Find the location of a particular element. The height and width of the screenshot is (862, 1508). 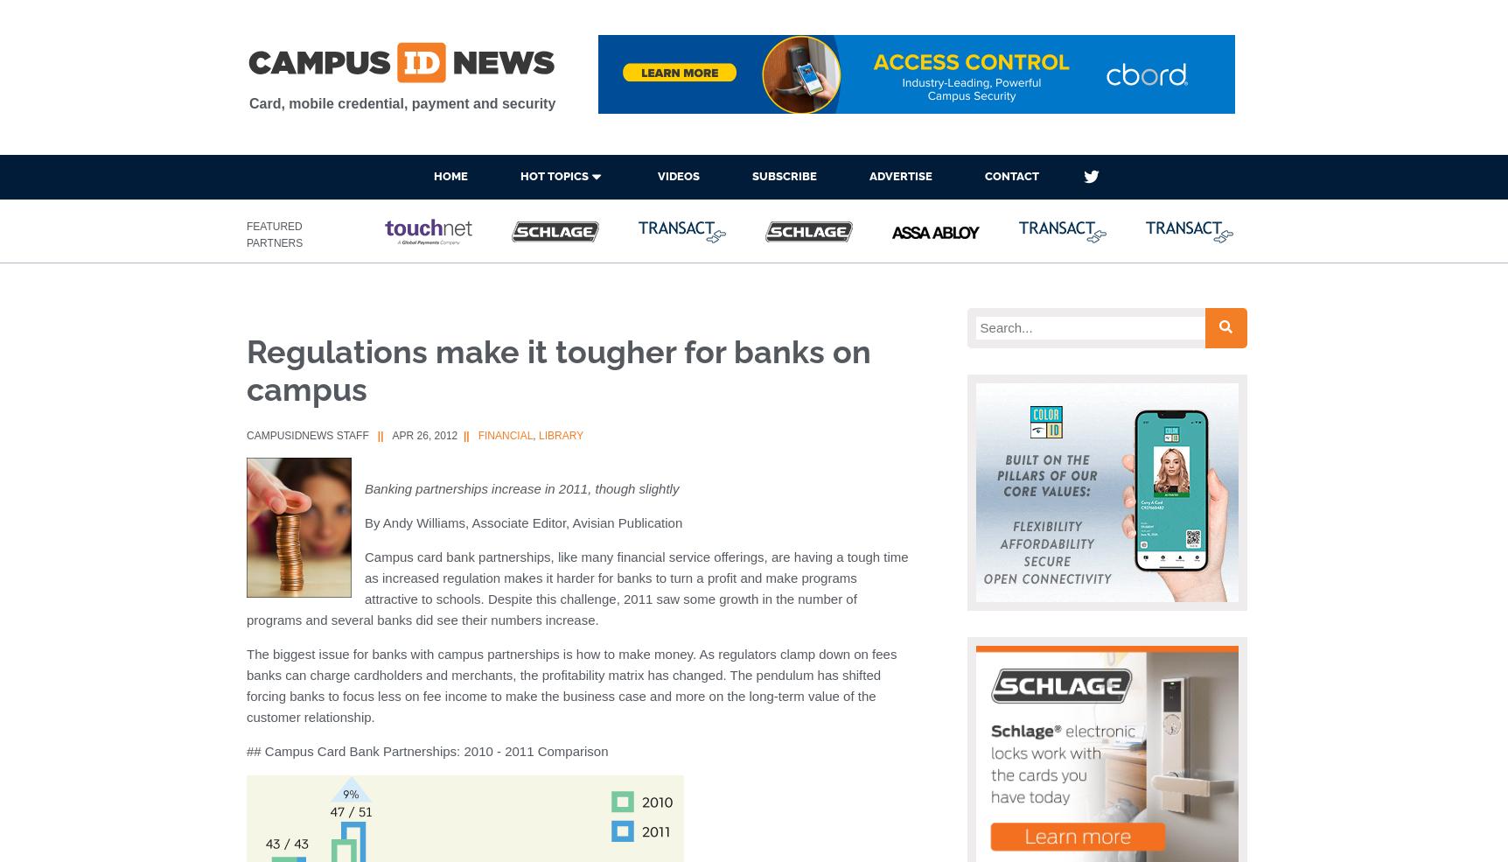

'Financial' is located at coordinates (476, 436).